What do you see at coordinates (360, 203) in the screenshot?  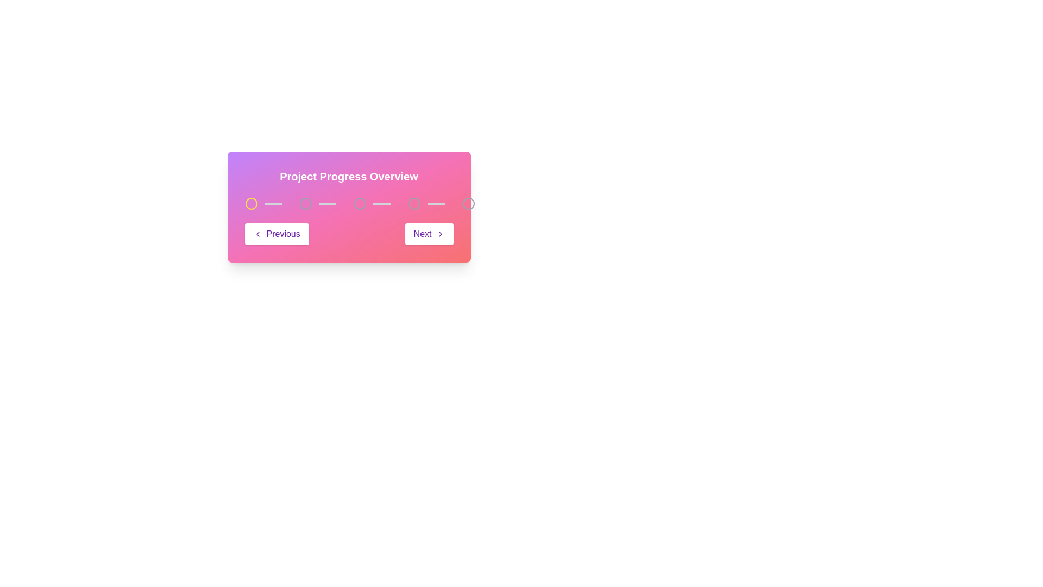 I see `the state of the third node in the progress indicator, represented by a graphic indicator (SVG Circle)` at bounding box center [360, 203].